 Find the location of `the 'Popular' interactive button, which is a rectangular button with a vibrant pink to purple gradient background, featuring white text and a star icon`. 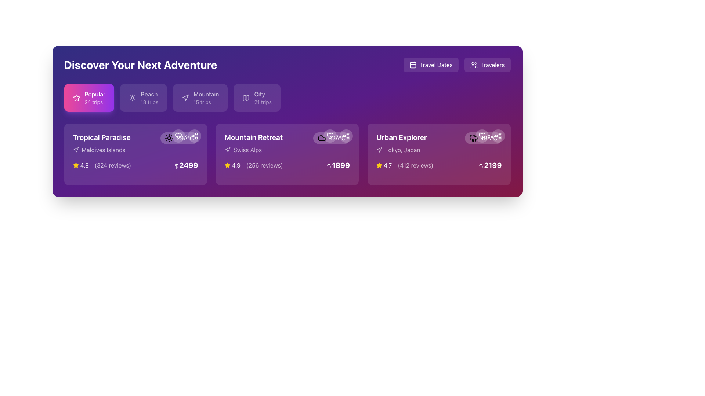

the 'Popular' interactive button, which is a rectangular button with a vibrant pink to purple gradient background, featuring white text and a star icon is located at coordinates (88, 97).